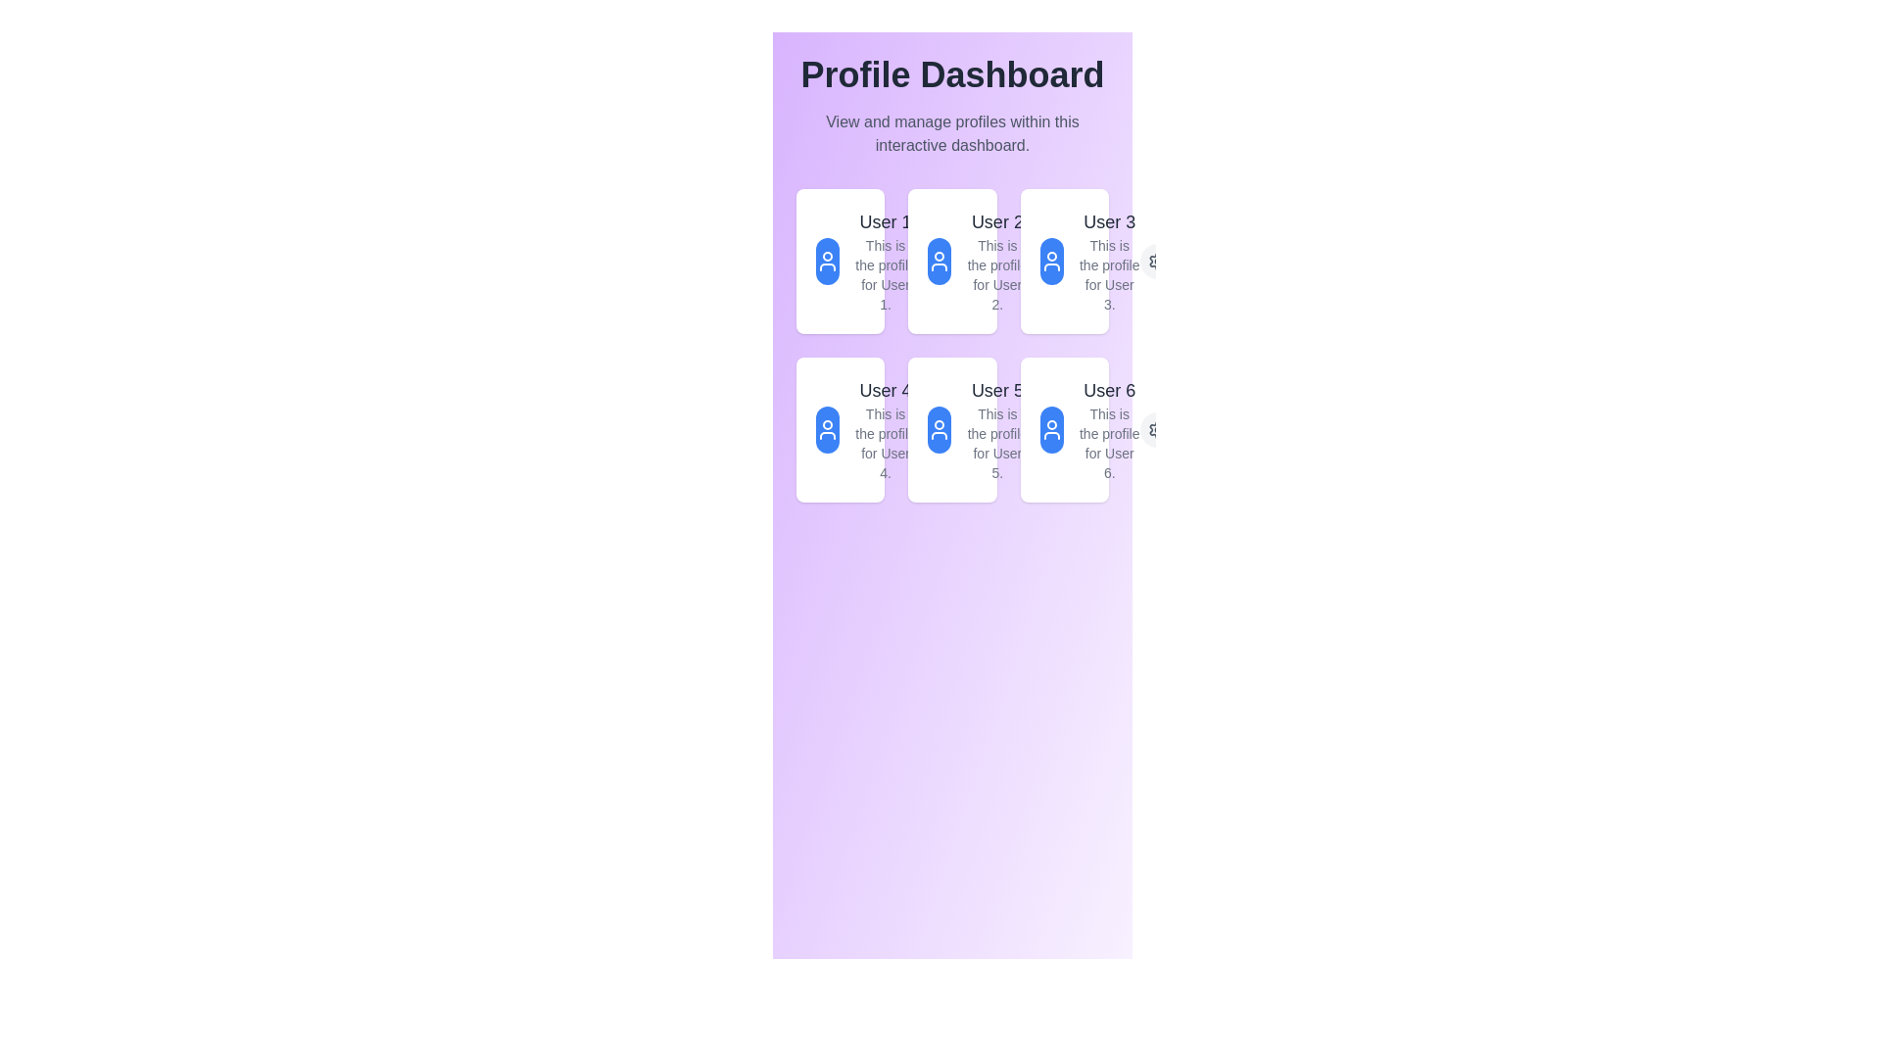 This screenshot has height=1058, width=1881. Describe the element at coordinates (952, 429) in the screenshot. I see `the user profile icon associated with 'User 5' which is located to the left of the text 'User 5' within the profile card in a 3x2 grid layout` at that location.